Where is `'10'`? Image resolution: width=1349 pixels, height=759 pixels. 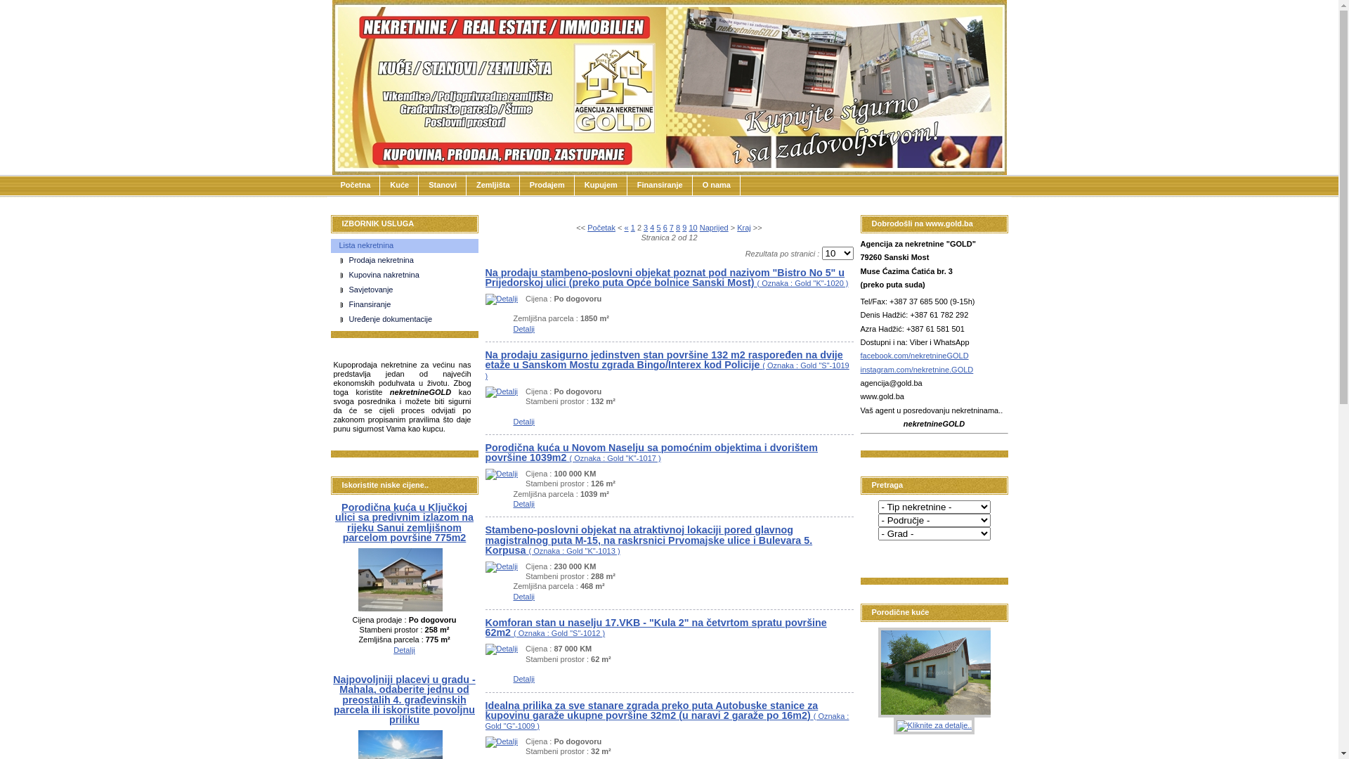 '10' is located at coordinates (692, 227).